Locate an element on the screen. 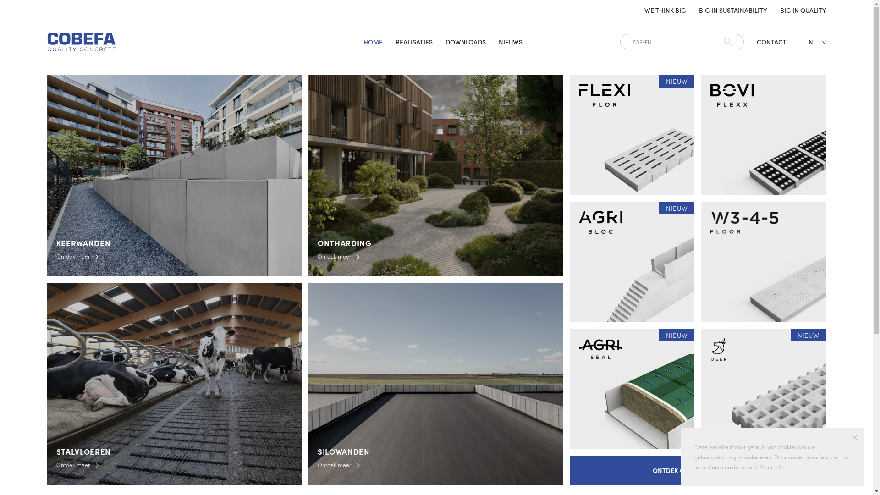 This screenshot has height=495, width=880. 'NL' is located at coordinates (812, 42).